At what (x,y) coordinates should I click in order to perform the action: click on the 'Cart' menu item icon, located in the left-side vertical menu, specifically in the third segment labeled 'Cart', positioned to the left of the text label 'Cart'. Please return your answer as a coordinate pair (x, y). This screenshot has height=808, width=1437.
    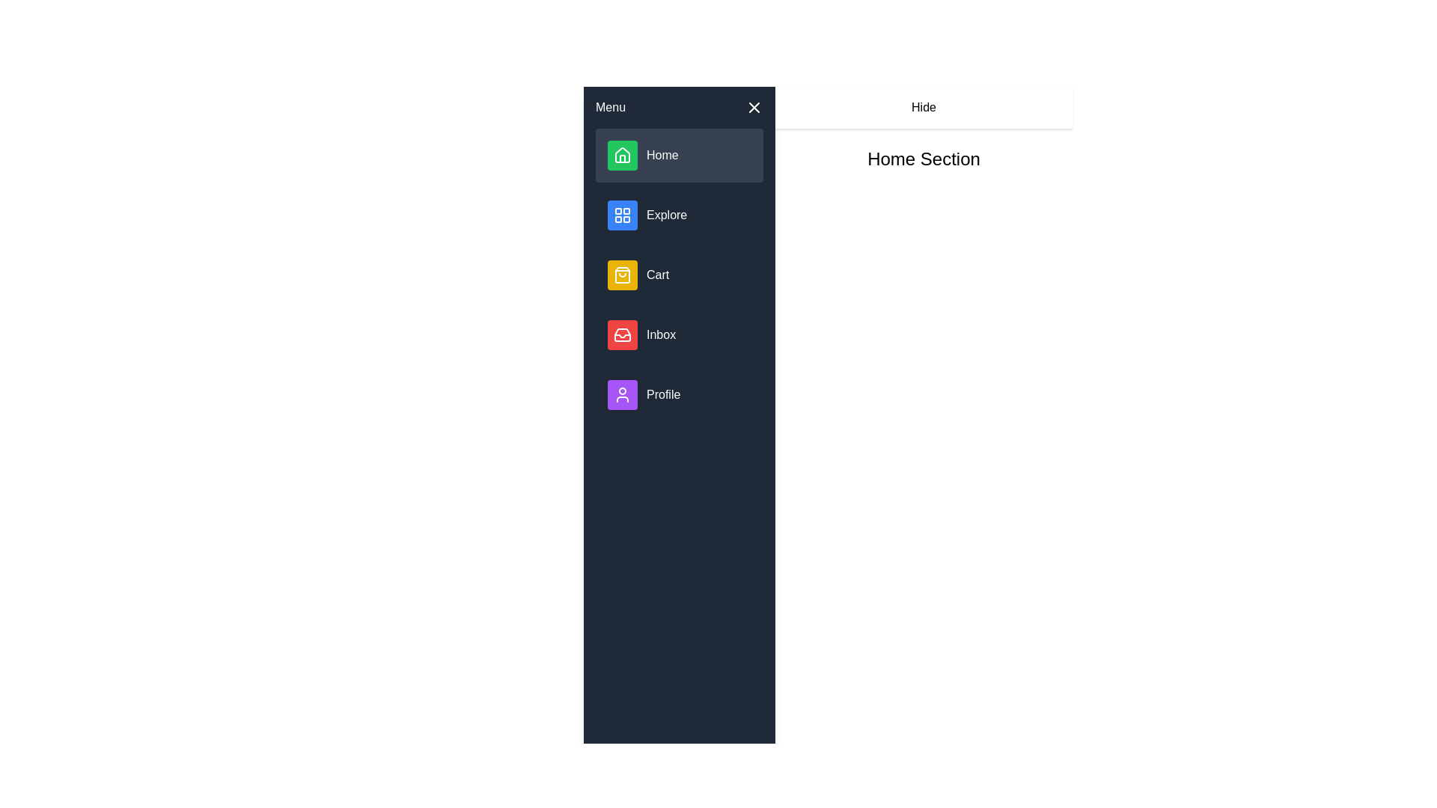
    Looking at the image, I should click on (622, 275).